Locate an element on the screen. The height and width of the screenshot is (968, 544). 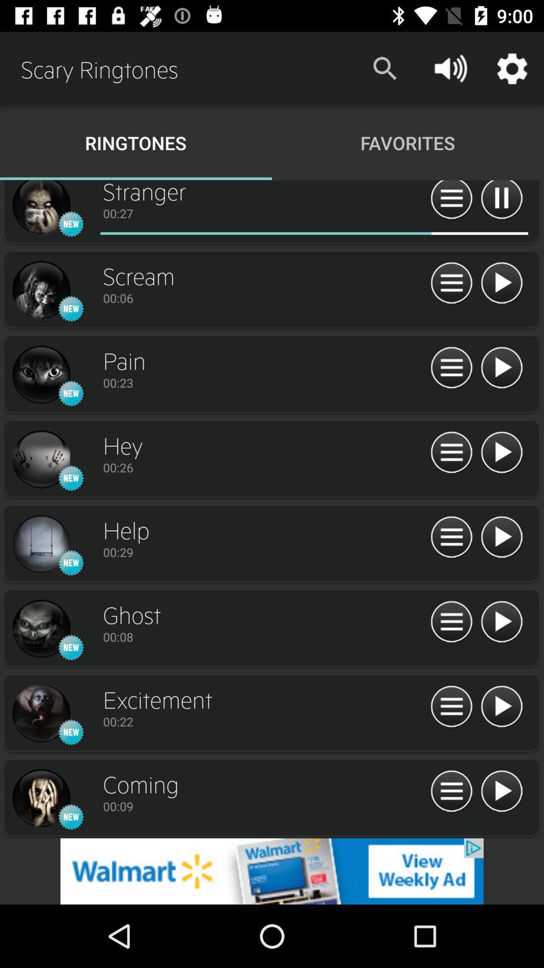
track is located at coordinates (501, 283).